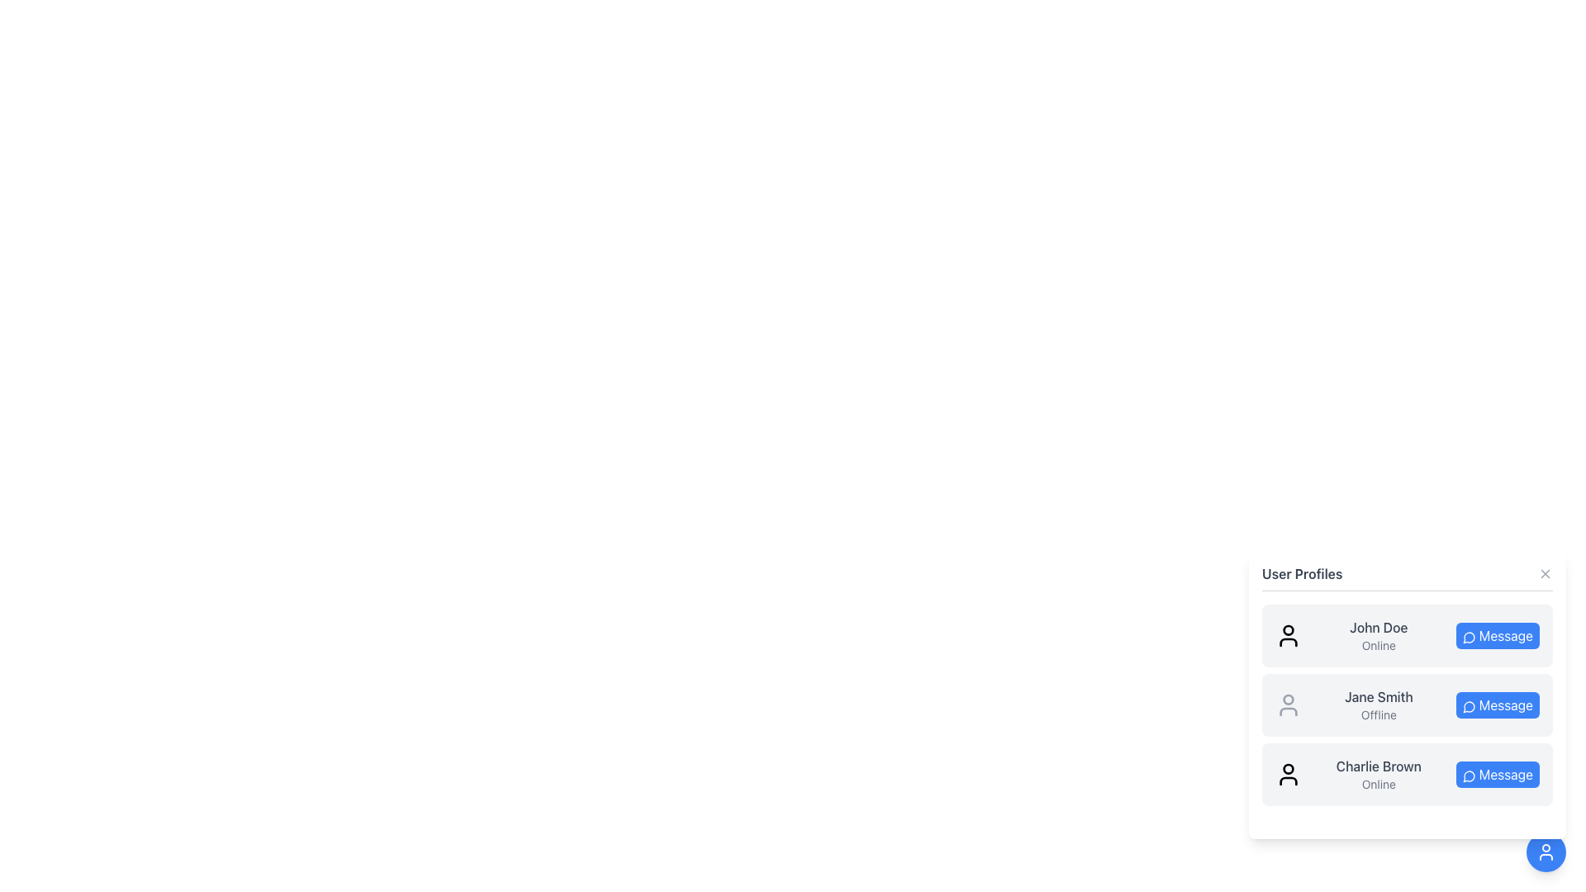 The width and height of the screenshot is (1586, 892). Describe the element at coordinates (1288, 774) in the screenshot. I see `the user profile icon representing 'Charlie Brown' located on the left side of the profile section, which includes the name and status text` at that location.